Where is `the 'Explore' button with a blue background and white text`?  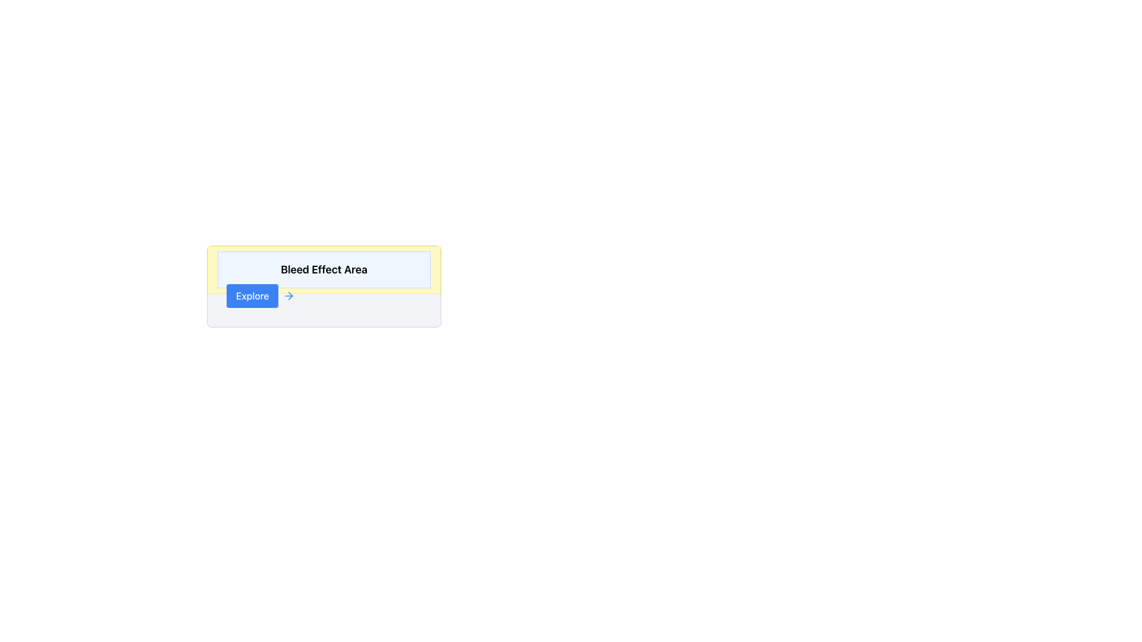 the 'Explore' button with a blue background and white text is located at coordinates (252, 295).